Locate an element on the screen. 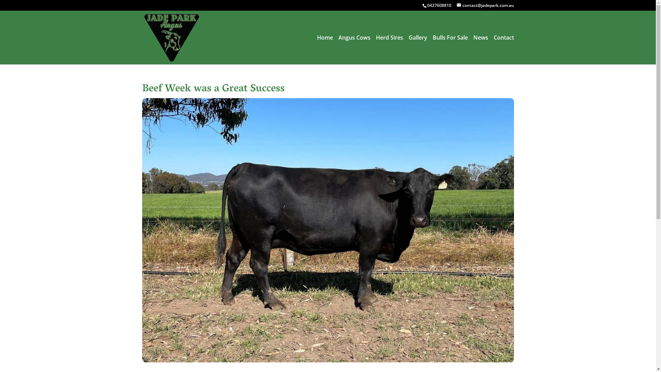 This screenshot has width=661, height=372. 'Contact' is located at coordinates (493, 49).